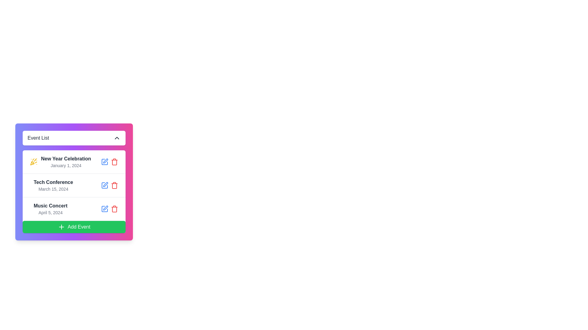 This screenshot has width=588, height=330. I want to click on the text display that shows the title and date description of the event 'New Year Celebration', located immediately to the right of the yellow party-popper icon in the first row of the event list, so click(66, 161).